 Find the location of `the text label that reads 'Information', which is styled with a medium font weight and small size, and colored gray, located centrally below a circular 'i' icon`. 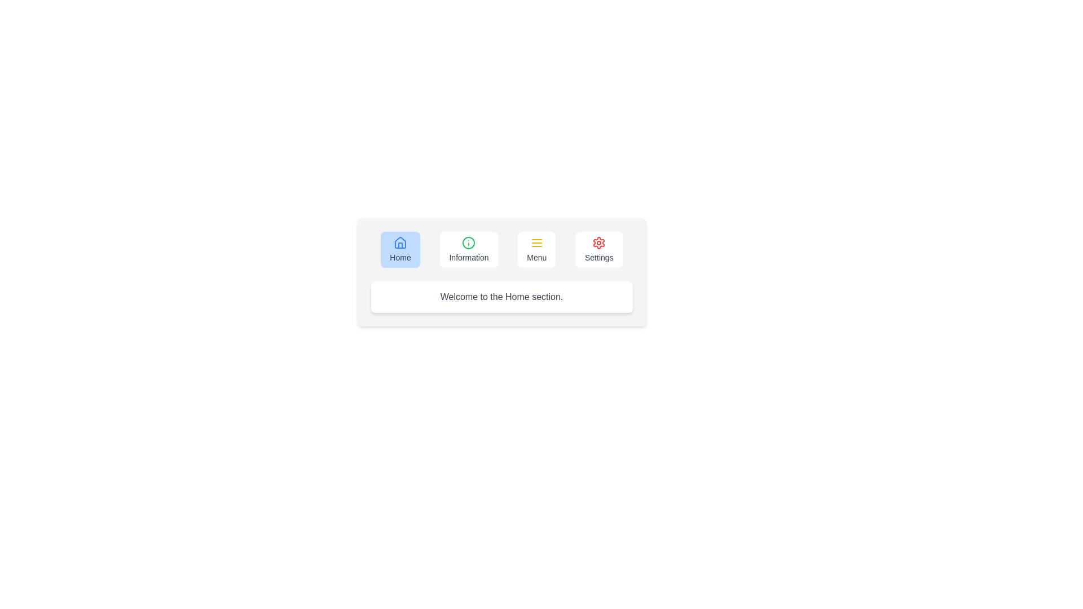

the text label that reads 'Information', which is styled with a medium font weight and small size, and colored gray, located centrally below a circular 'i' icon is located at coordinates (469, 257).